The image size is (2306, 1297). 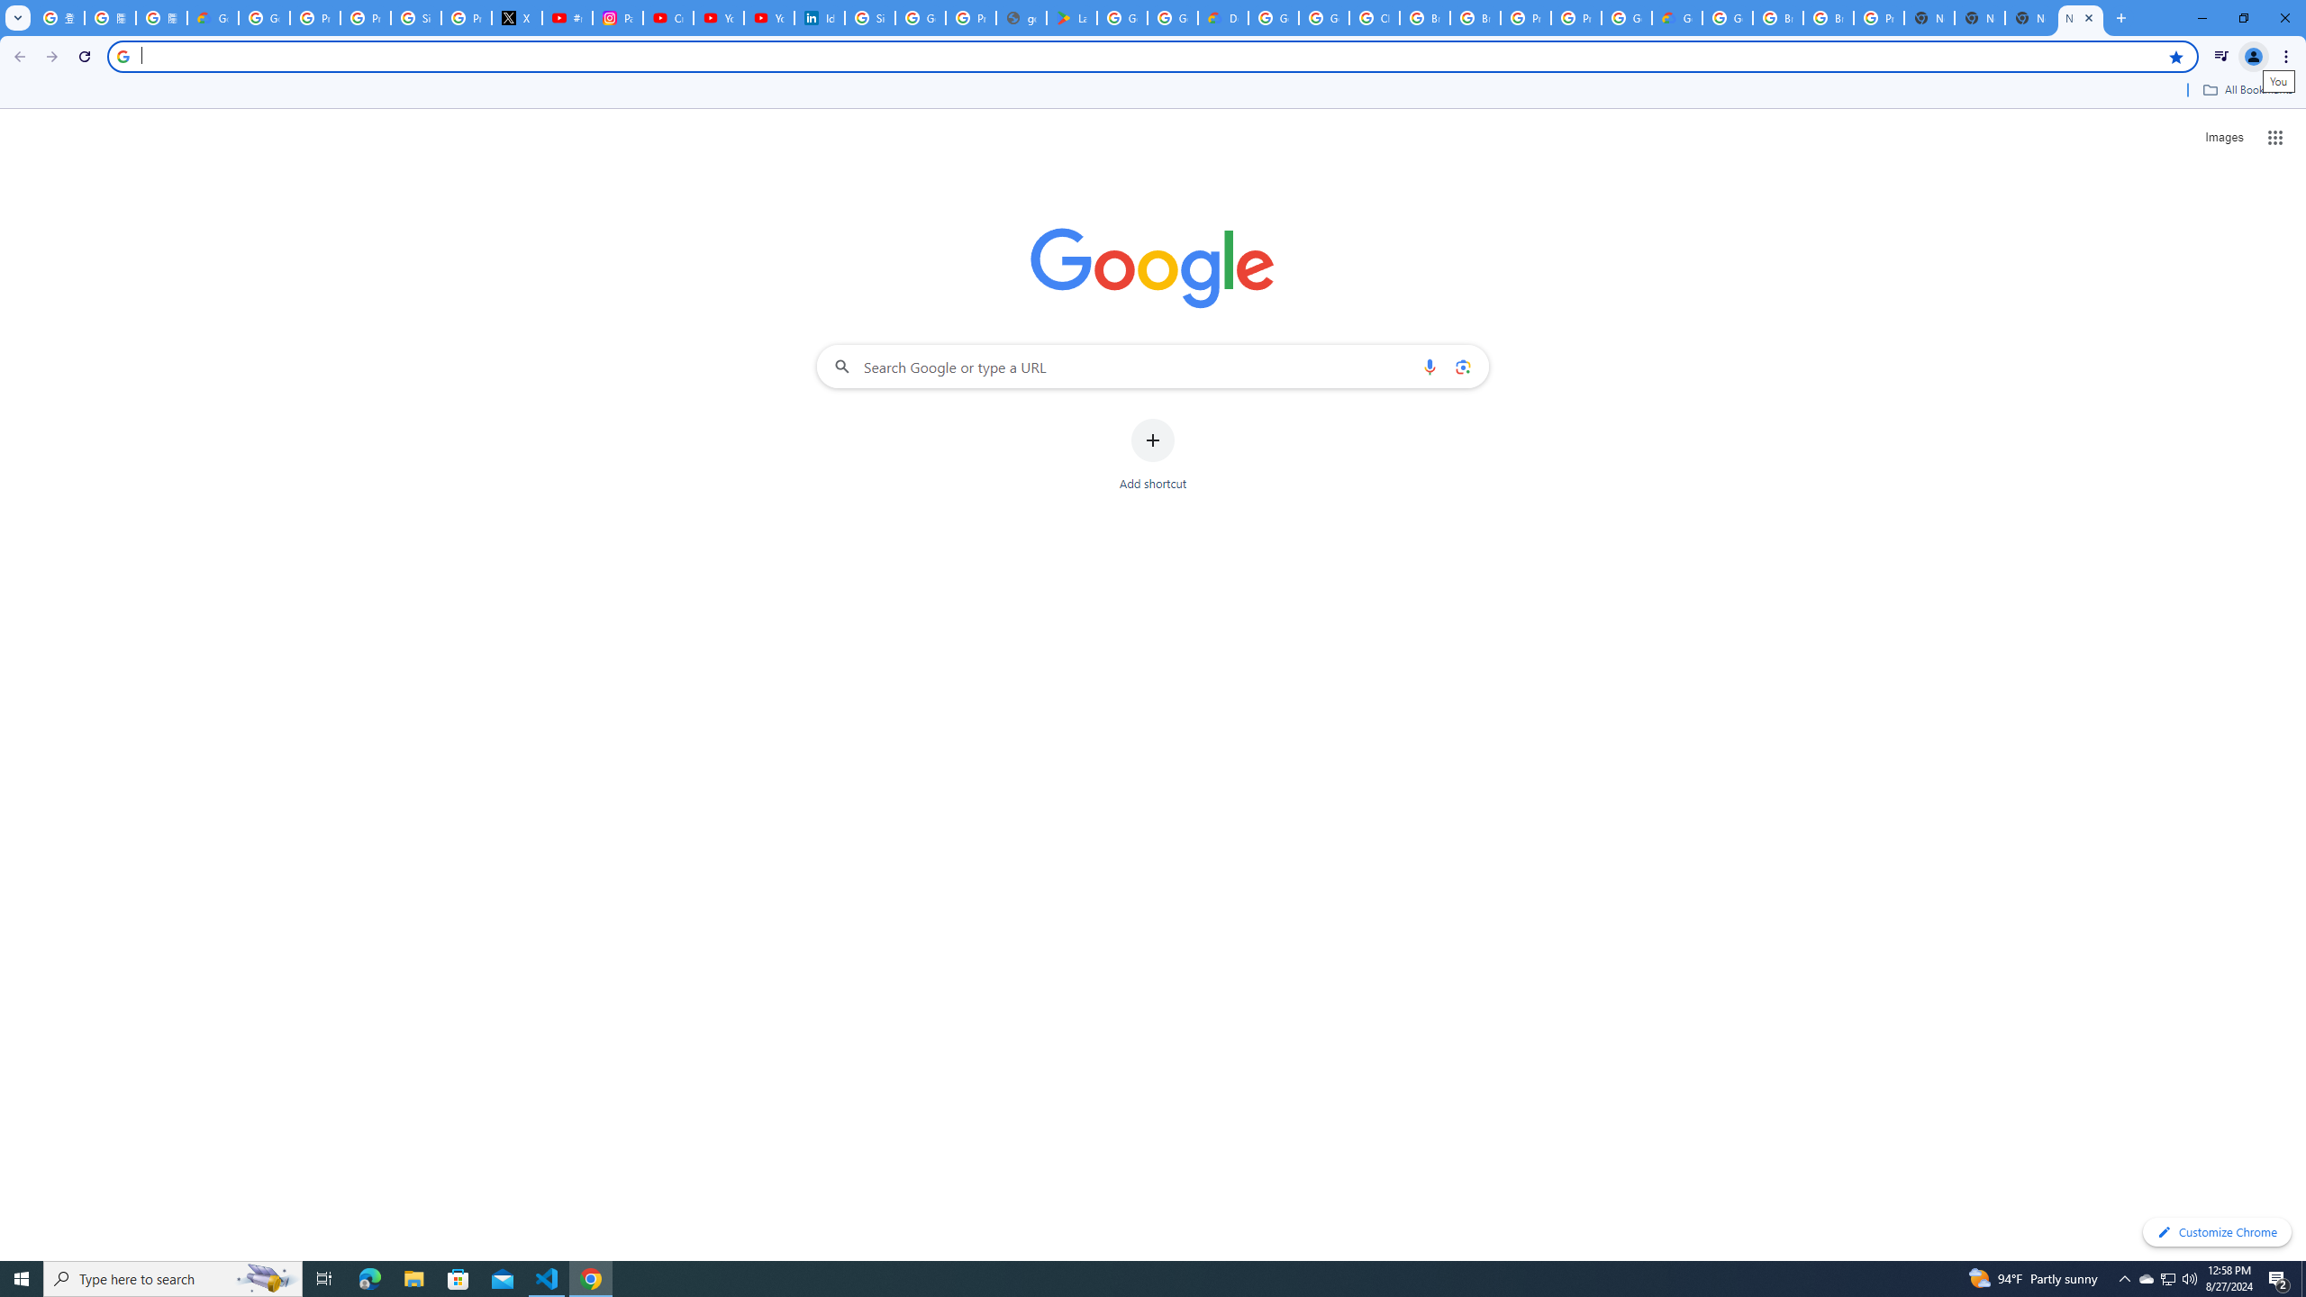 What do you see at coordinates (2247, 89) in the screenshot?
I see `'All Bookmarks'` at bounding box center [2247, 89].